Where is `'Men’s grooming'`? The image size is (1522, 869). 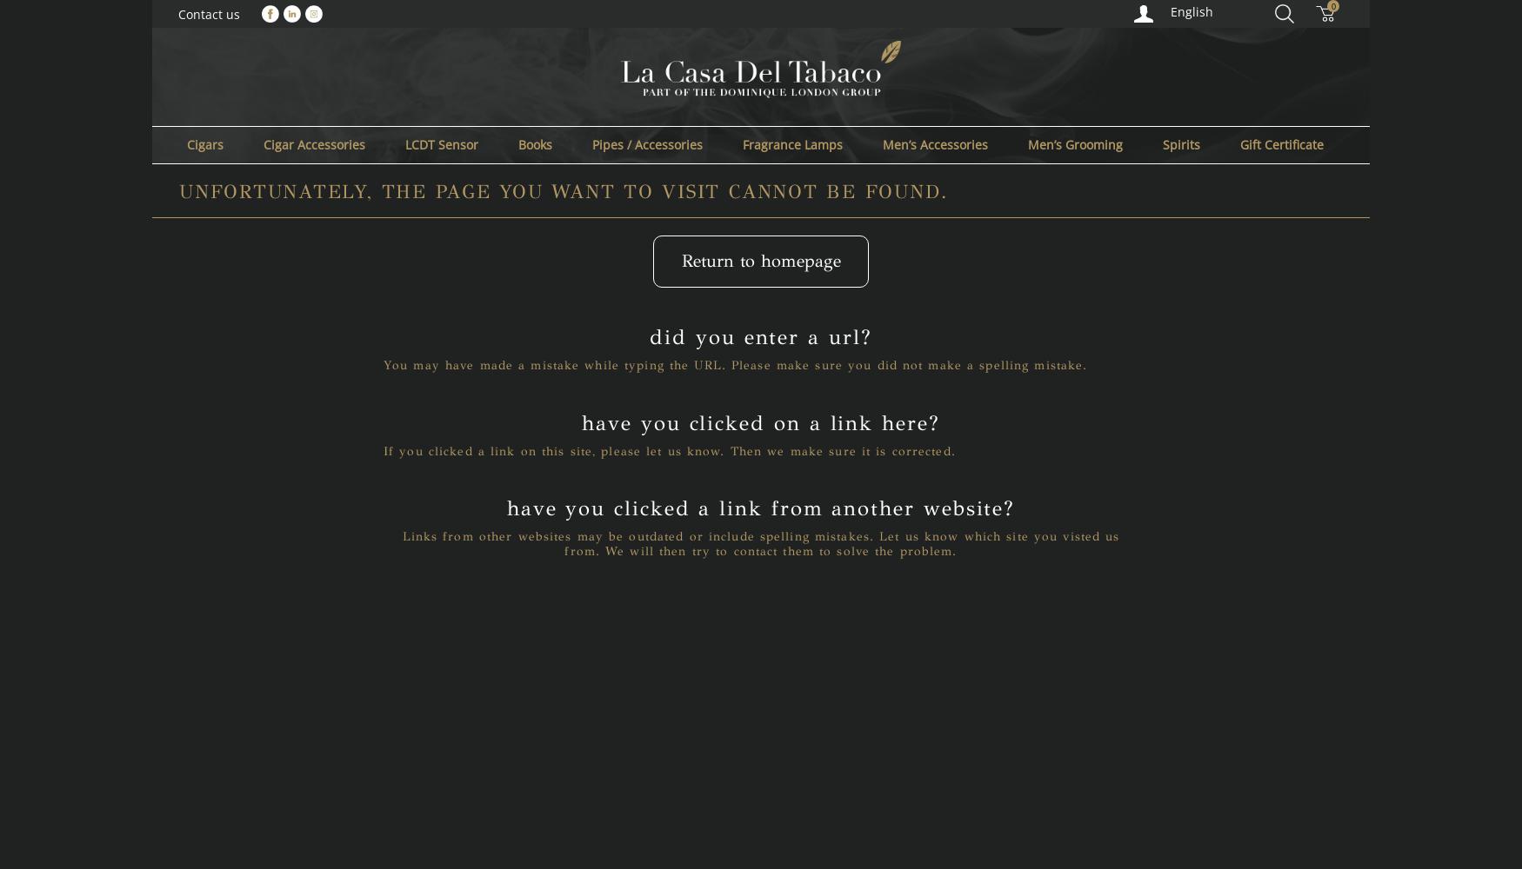
'Men’s grooming' is located at coordinates (1074, 143).